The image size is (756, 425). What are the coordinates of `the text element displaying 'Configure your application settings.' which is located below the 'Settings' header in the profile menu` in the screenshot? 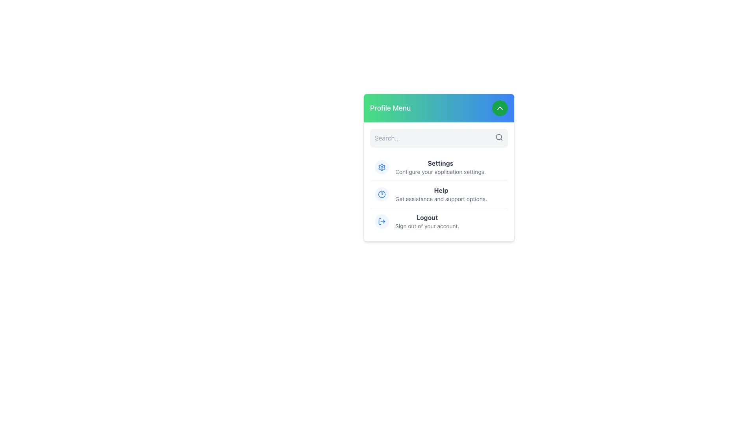 It's located at (440, 171).